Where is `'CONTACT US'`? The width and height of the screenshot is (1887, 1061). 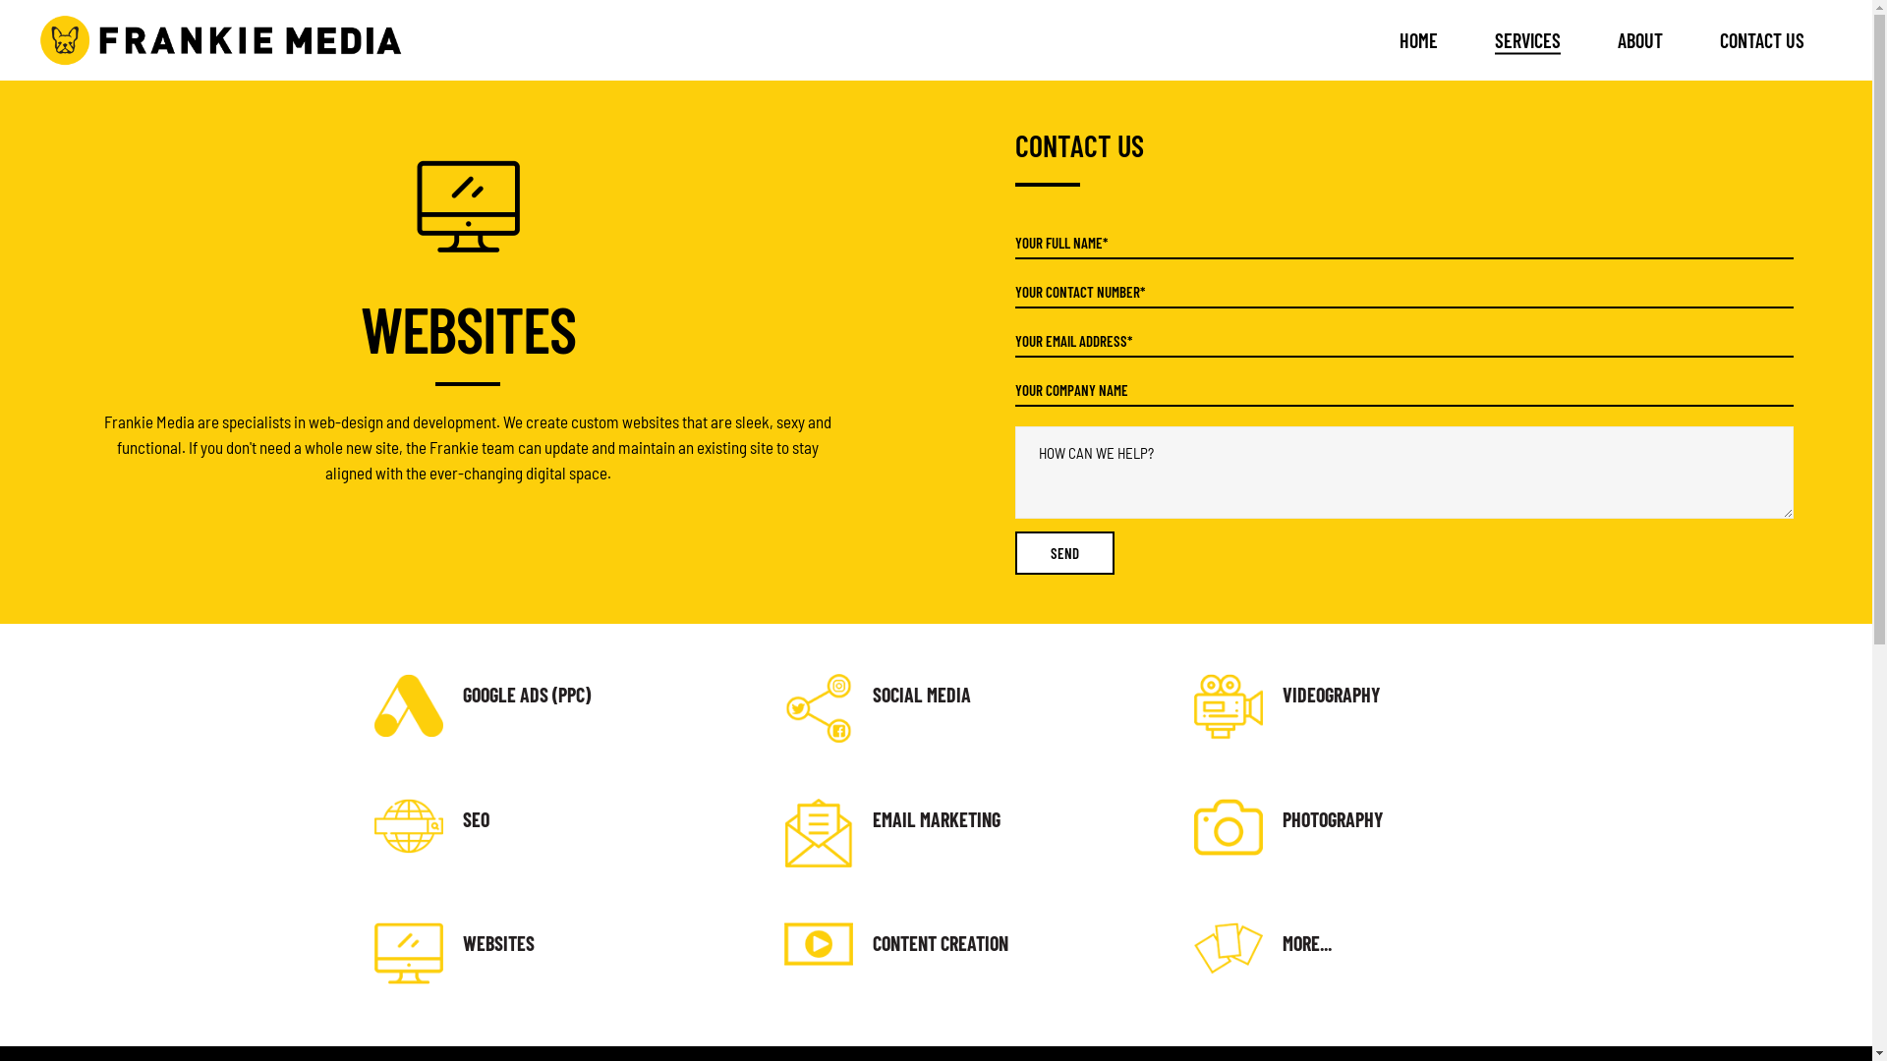
'CONTACT US' is located at coordinates (1762, 40).